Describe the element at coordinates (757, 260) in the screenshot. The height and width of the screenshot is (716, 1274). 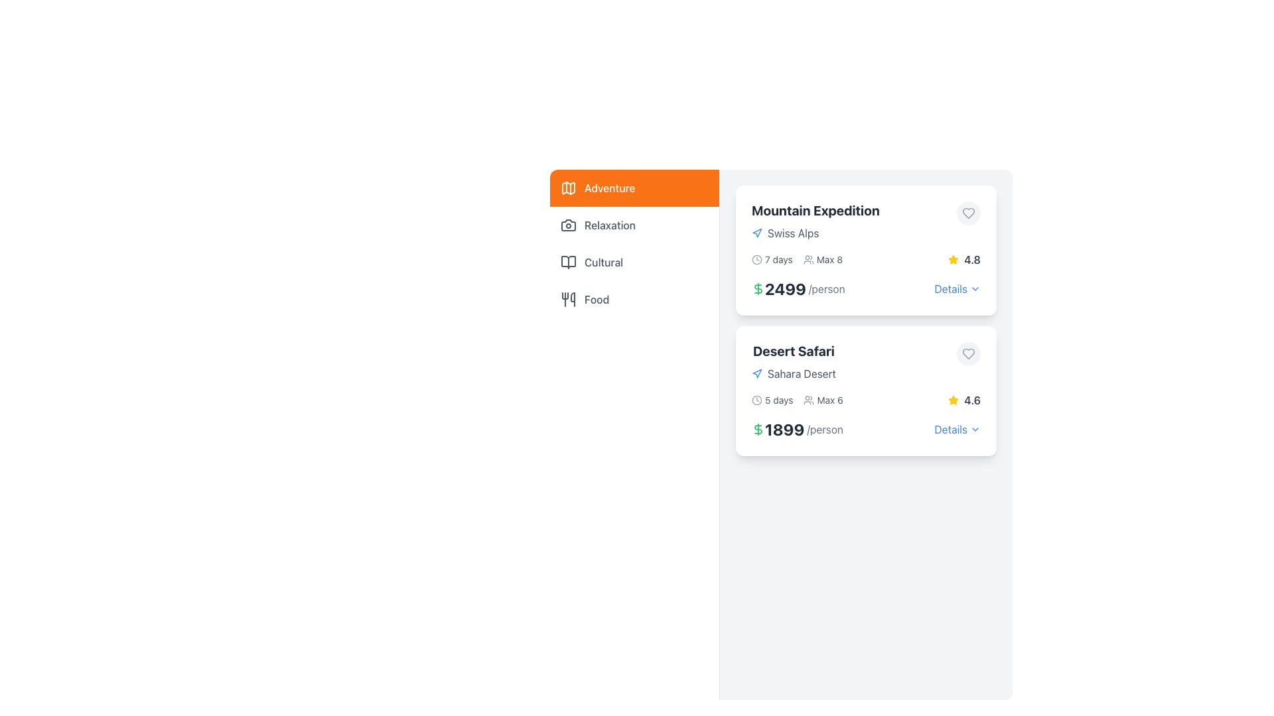
I see `the clock icon located to the left of the '7 days' text within the 'Mountain Expedition' card` at that location.